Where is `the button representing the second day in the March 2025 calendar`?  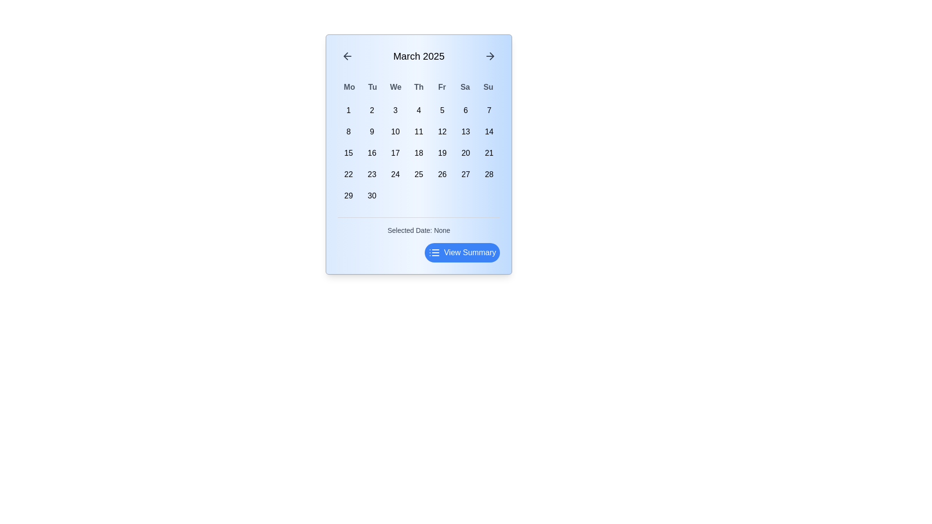
the button representing the second day in the March 2025 calendar is located at coordinates (371, 110).